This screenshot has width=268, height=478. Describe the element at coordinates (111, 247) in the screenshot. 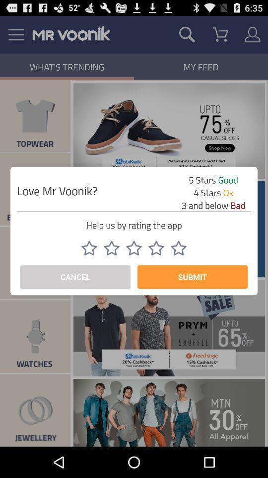

I see `the second star` at that location.